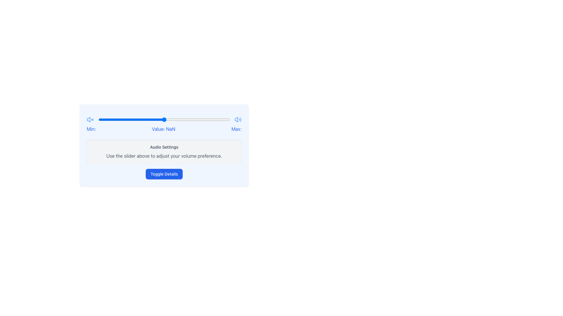 This screenshot has height=316, width=563. Describe the element at coordinates (122, 119) in the screenshot. I see `the slider` at that location.